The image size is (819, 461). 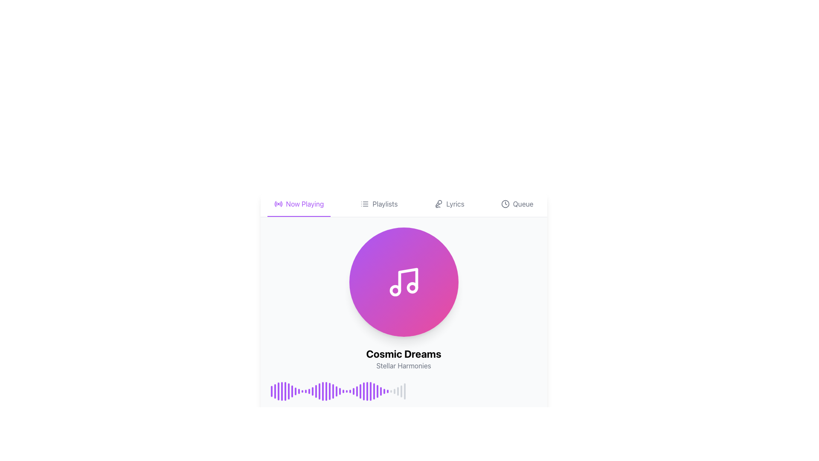 What do you see at coordinates (343, 391) in the screenshot?
I see `the appearance of the 22nd purple waveform bar, which is vertically oriented with rounded top and bottom, located below the text 'Cosmic Dreams' and 'Stellar Harmonies'` at bounding box center [343, 391].